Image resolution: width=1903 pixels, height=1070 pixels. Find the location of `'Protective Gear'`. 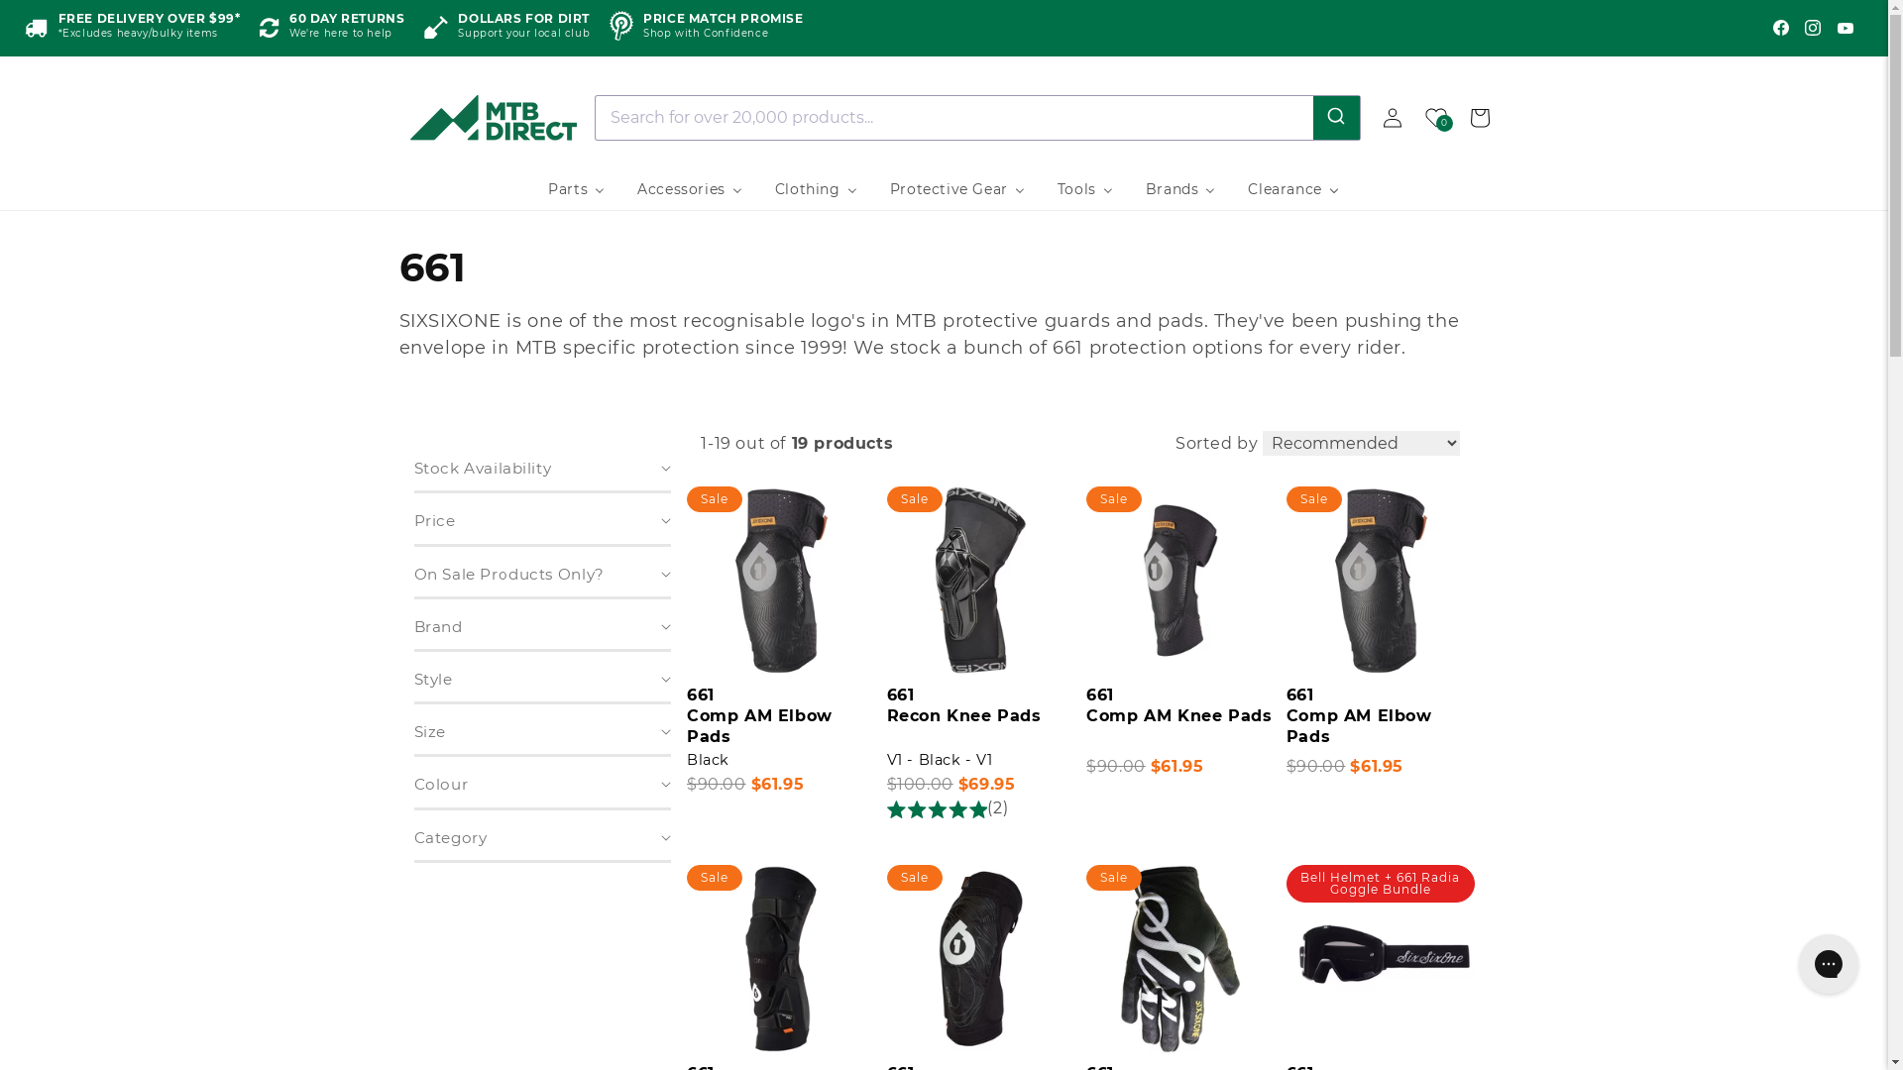

'Protective Gear' is located at coordinates (873, 189).